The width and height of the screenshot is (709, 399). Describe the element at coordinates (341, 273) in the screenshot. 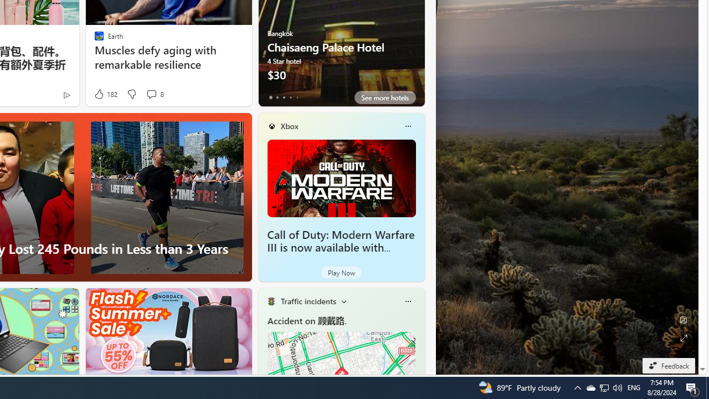

I see `'Play Now'` at that location.